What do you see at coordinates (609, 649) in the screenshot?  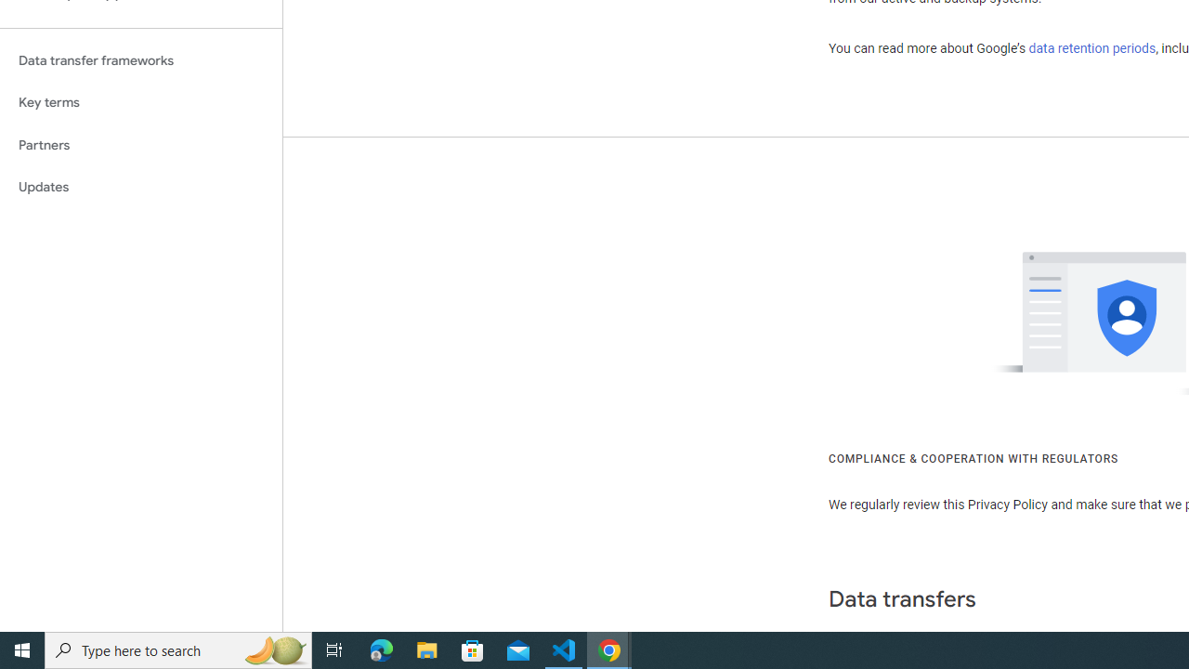 I see `'Google Chrome - 2 running windows'` at bounding box center [609, 649].